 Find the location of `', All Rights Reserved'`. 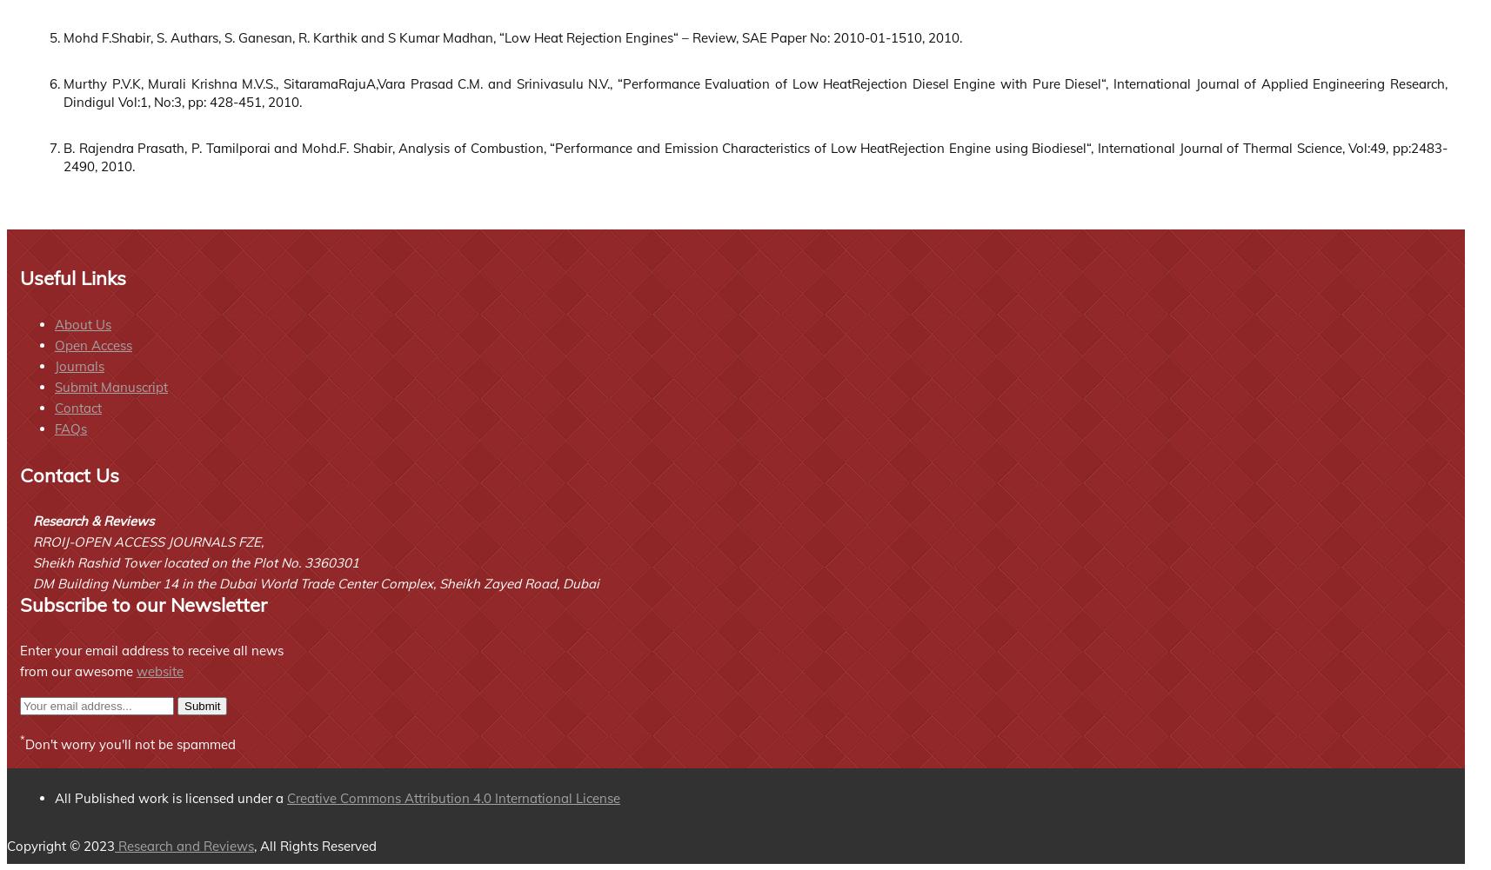

', All Rights Reserved' is located at coordinates (314, 845).